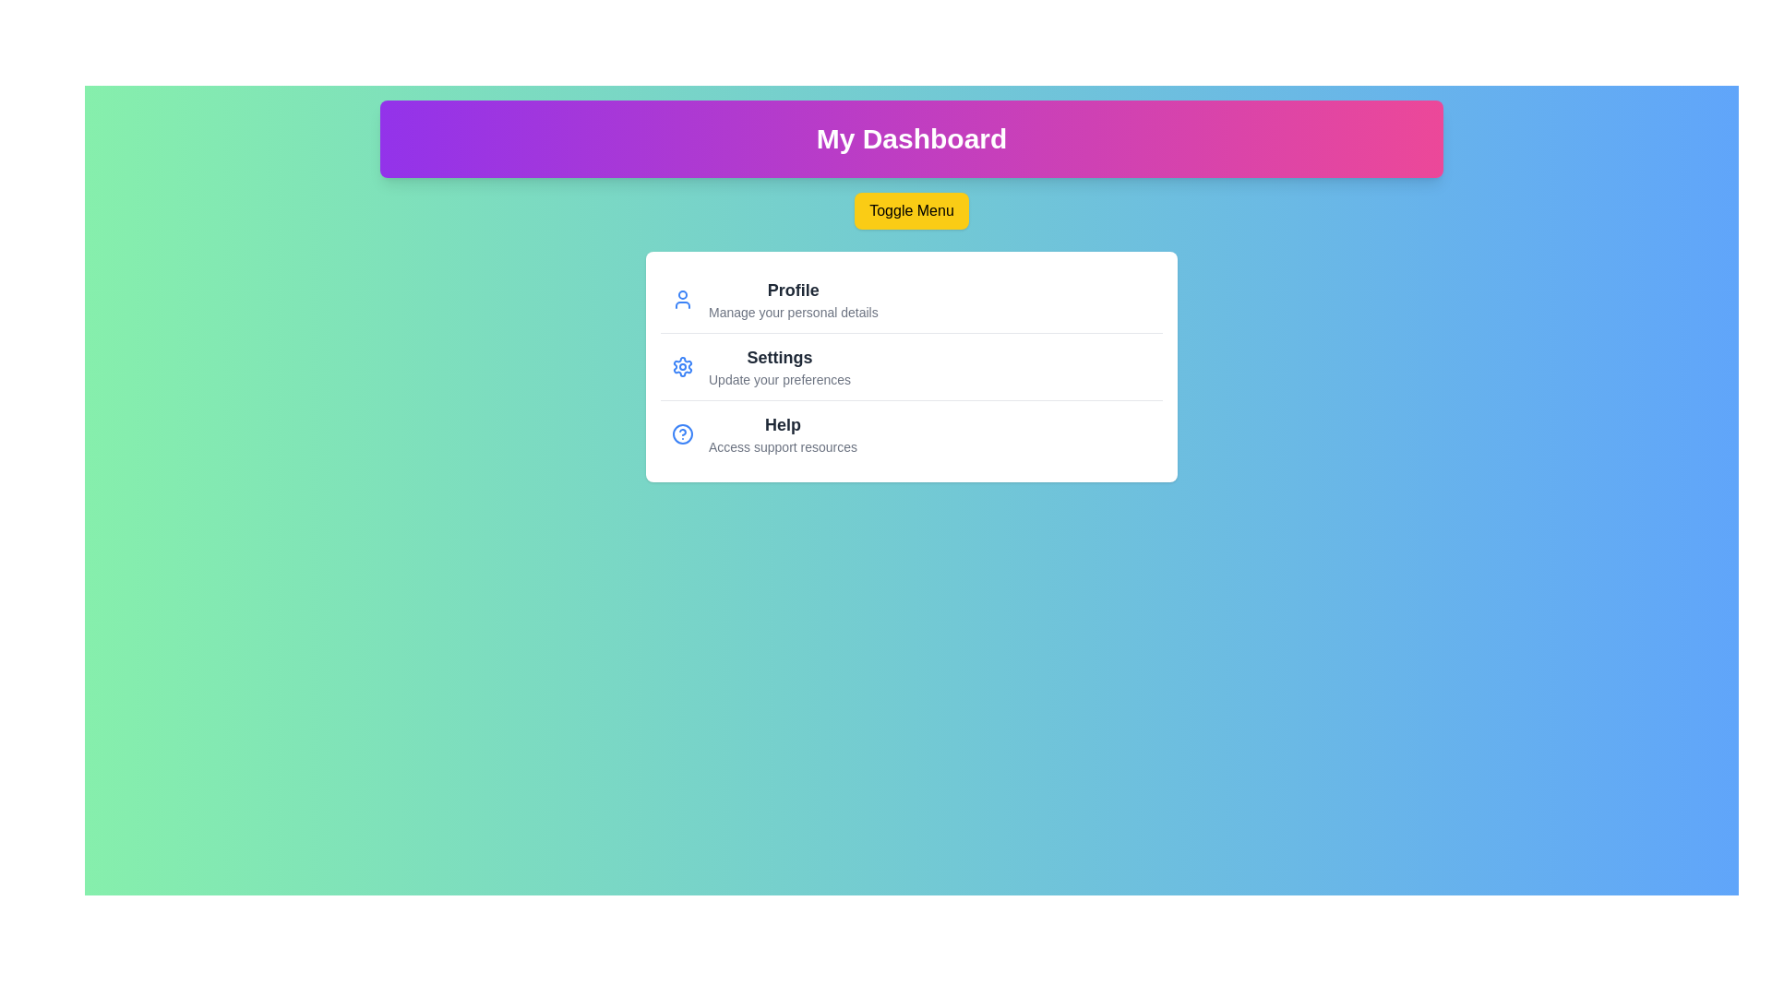 The width and height of the screenshot is (1772, 996). Describe the element at coordinates (912, 209) in the screenshot. I see `the 'Toggle Menu' button to toggle the visibility of the menu` at that location.